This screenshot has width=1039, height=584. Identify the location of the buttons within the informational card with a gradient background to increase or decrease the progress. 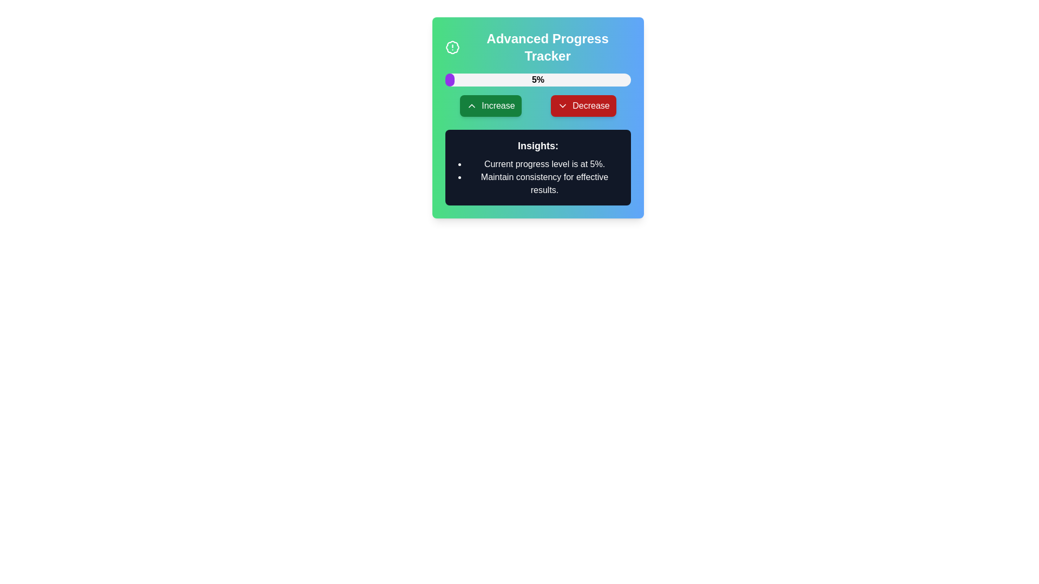
(538, 118).